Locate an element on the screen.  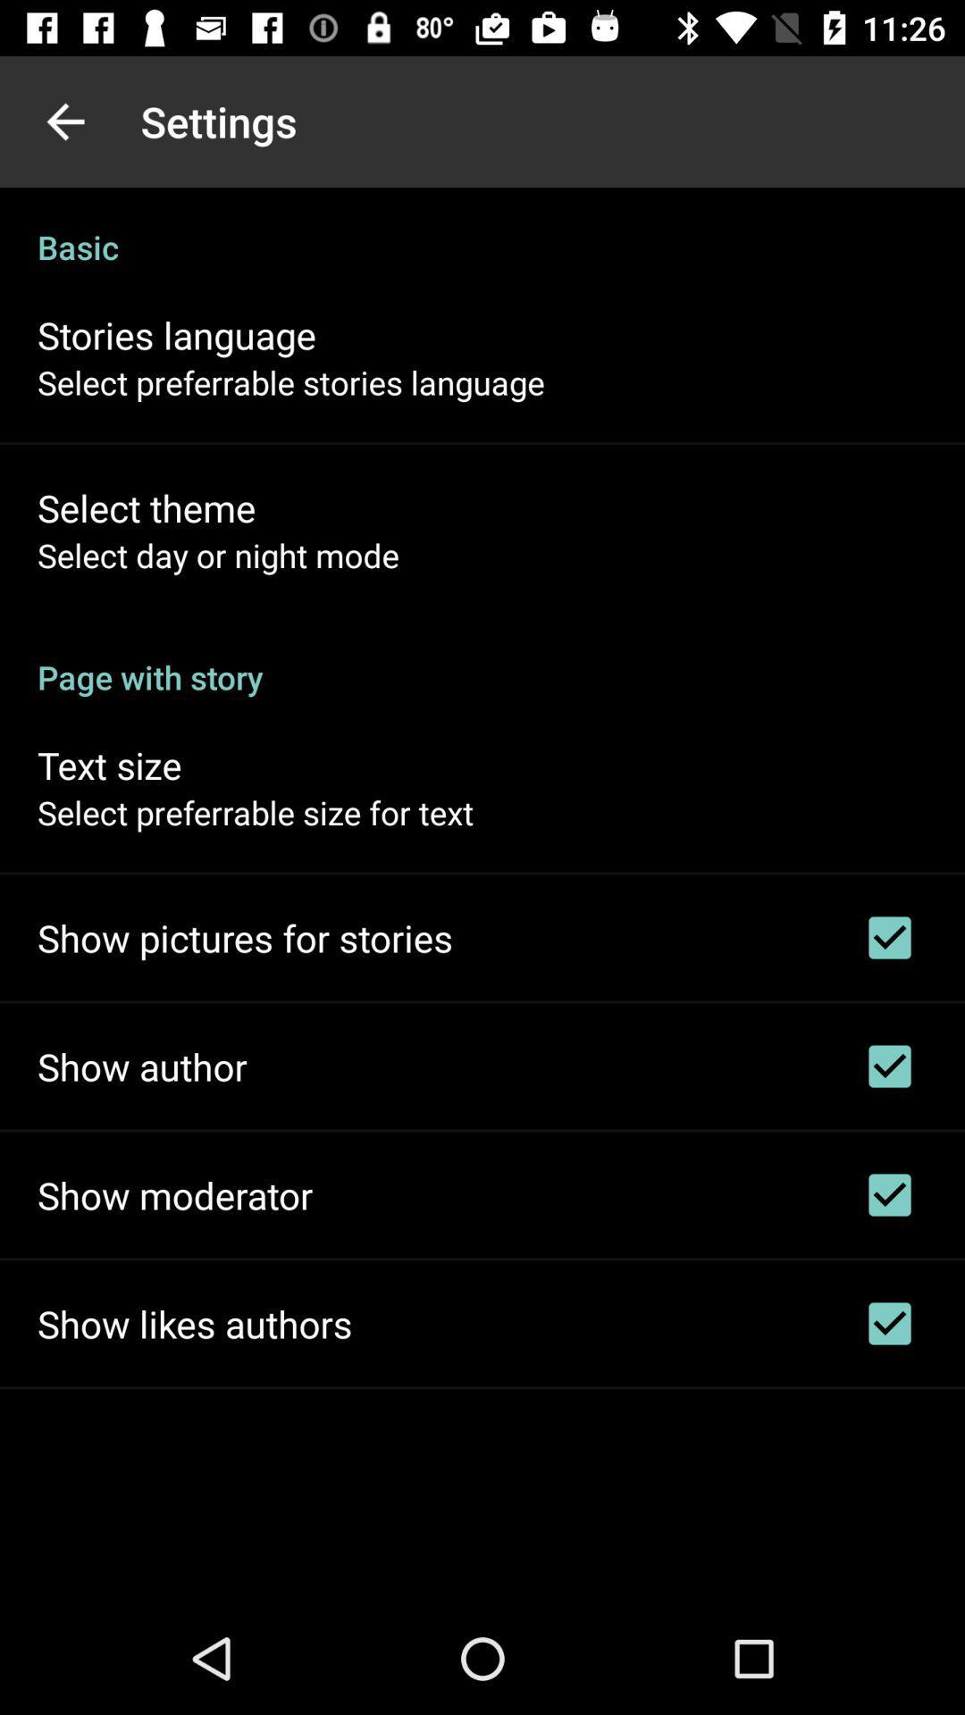
the page with story icon is located at coordinates (482, 657).